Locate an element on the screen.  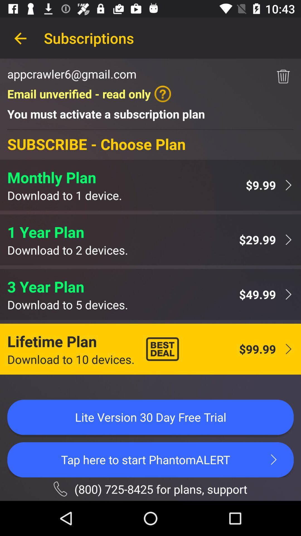
item next to the email unverified read app is located at coordinates (283, 76).